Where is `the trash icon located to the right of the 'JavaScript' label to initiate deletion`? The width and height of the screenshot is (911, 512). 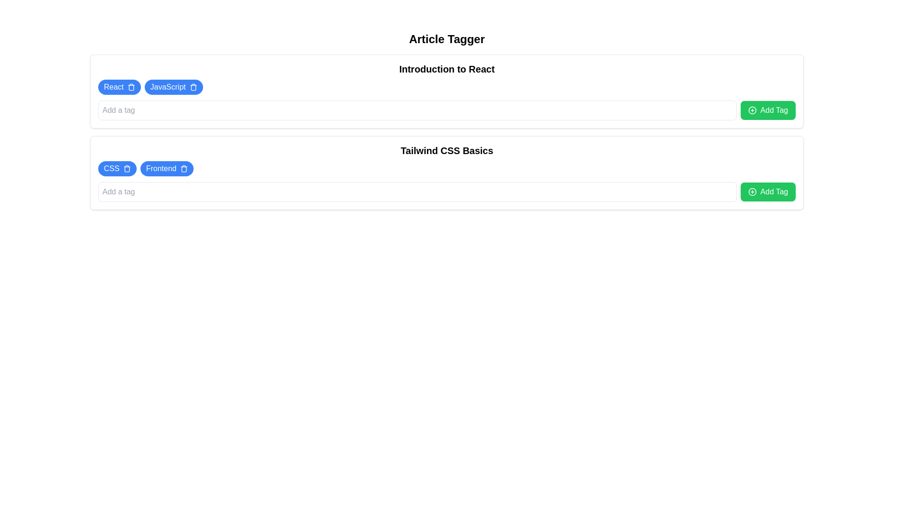
the trash icon located to the right of the 'JavaScript' label to initiate deletion is located at coordinates (193, 87).